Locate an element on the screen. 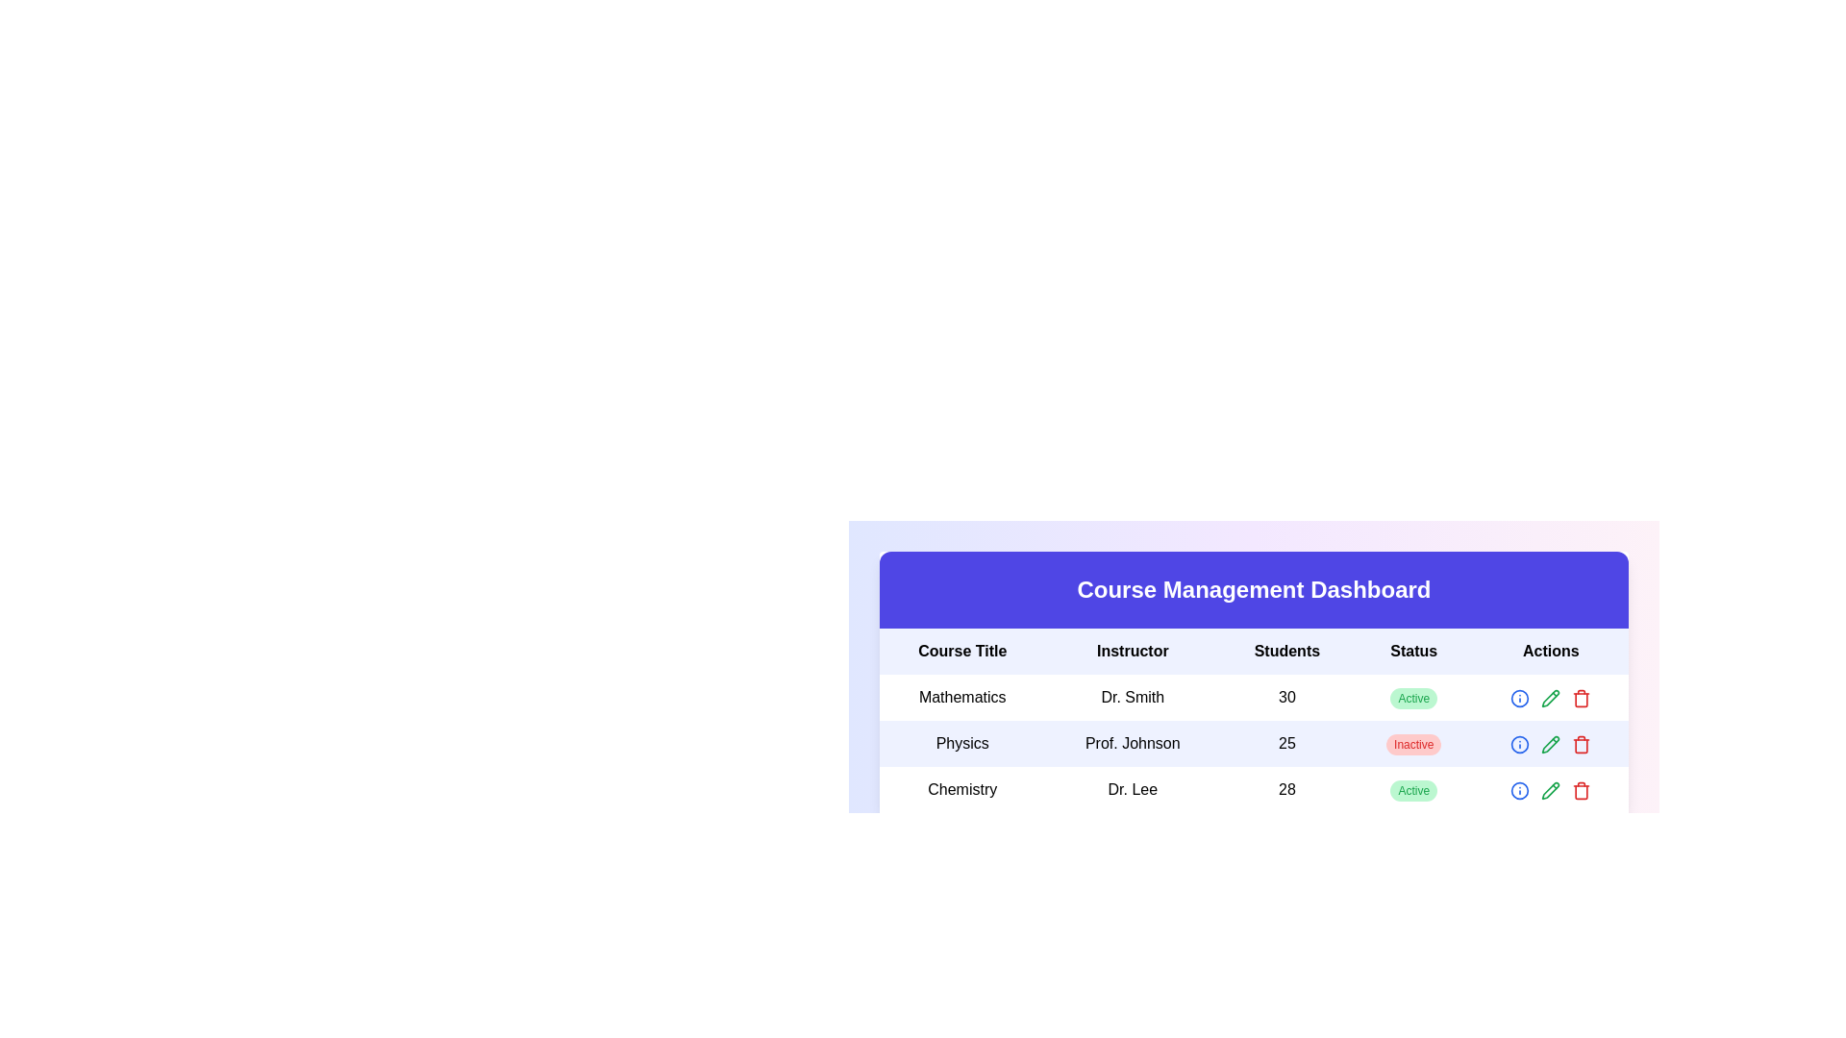 This screenshot has width=1846, height=1038. the green pencil-shaped icon in the 'Actions' column of the last row corresponding to the 'Chemistry' course instructed by Dr. Lee is located at coordinates (1551, 789).